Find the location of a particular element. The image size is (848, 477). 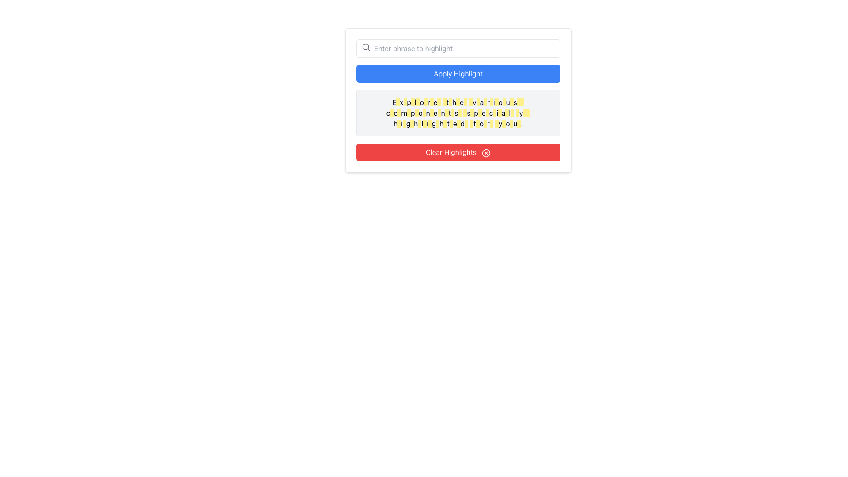

the yellow visual indicator (highlight box) located within the sentence "Explore the various components specially highlighted for you." corresponding to the letter 's' is located at coordinates (453, 112).